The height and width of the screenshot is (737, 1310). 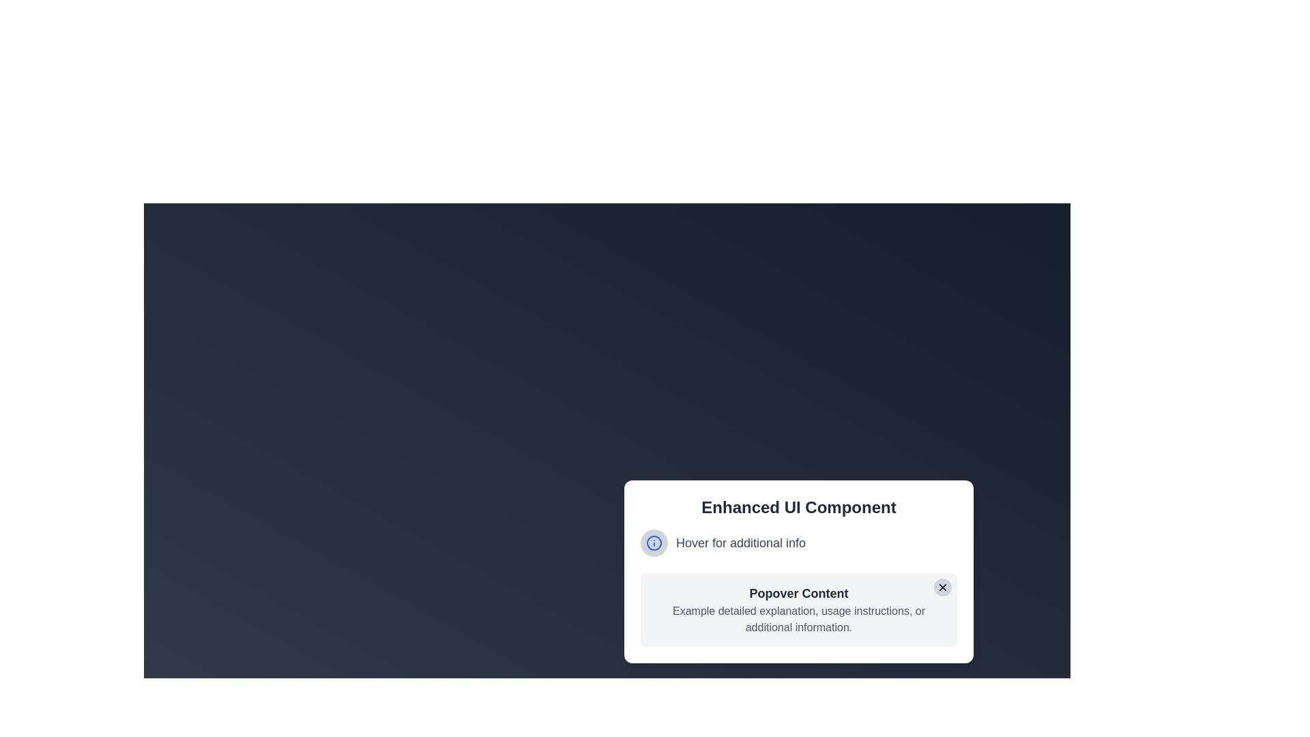 What do you see at coordinates (942, 586) in the screenshot?
I see `the close button located in the top-right corner of the popover dialog, adjacent to the title 'Popover Content'` at bounding box center [942, 586].